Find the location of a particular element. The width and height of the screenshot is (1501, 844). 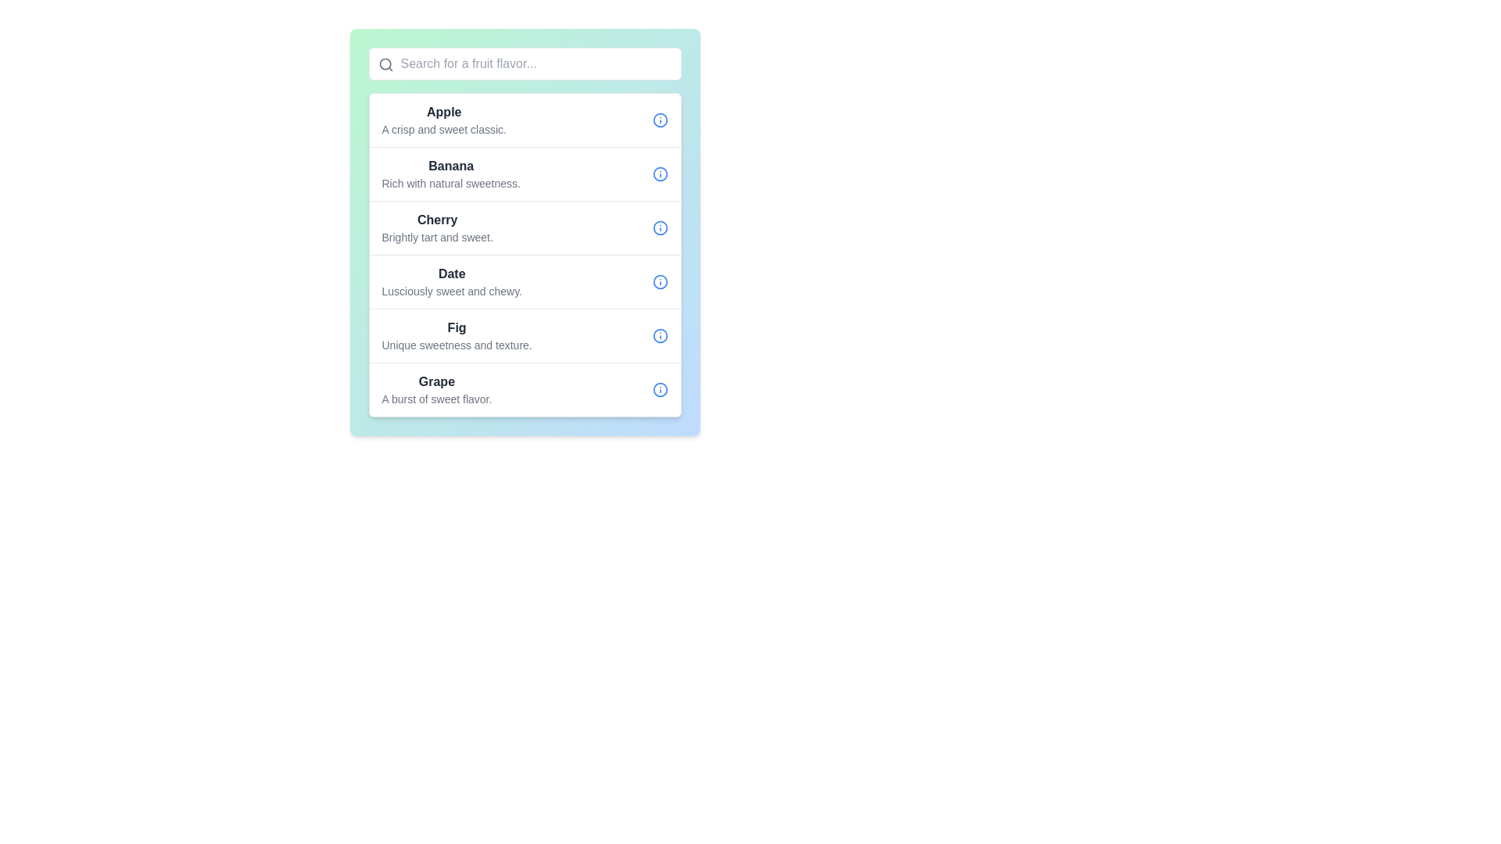

the text element that states 'A burst of sweet flavor.' located directly below the bold title 'Grape' in the fruit flavor descriptions list is located at coordinates (436, 398).